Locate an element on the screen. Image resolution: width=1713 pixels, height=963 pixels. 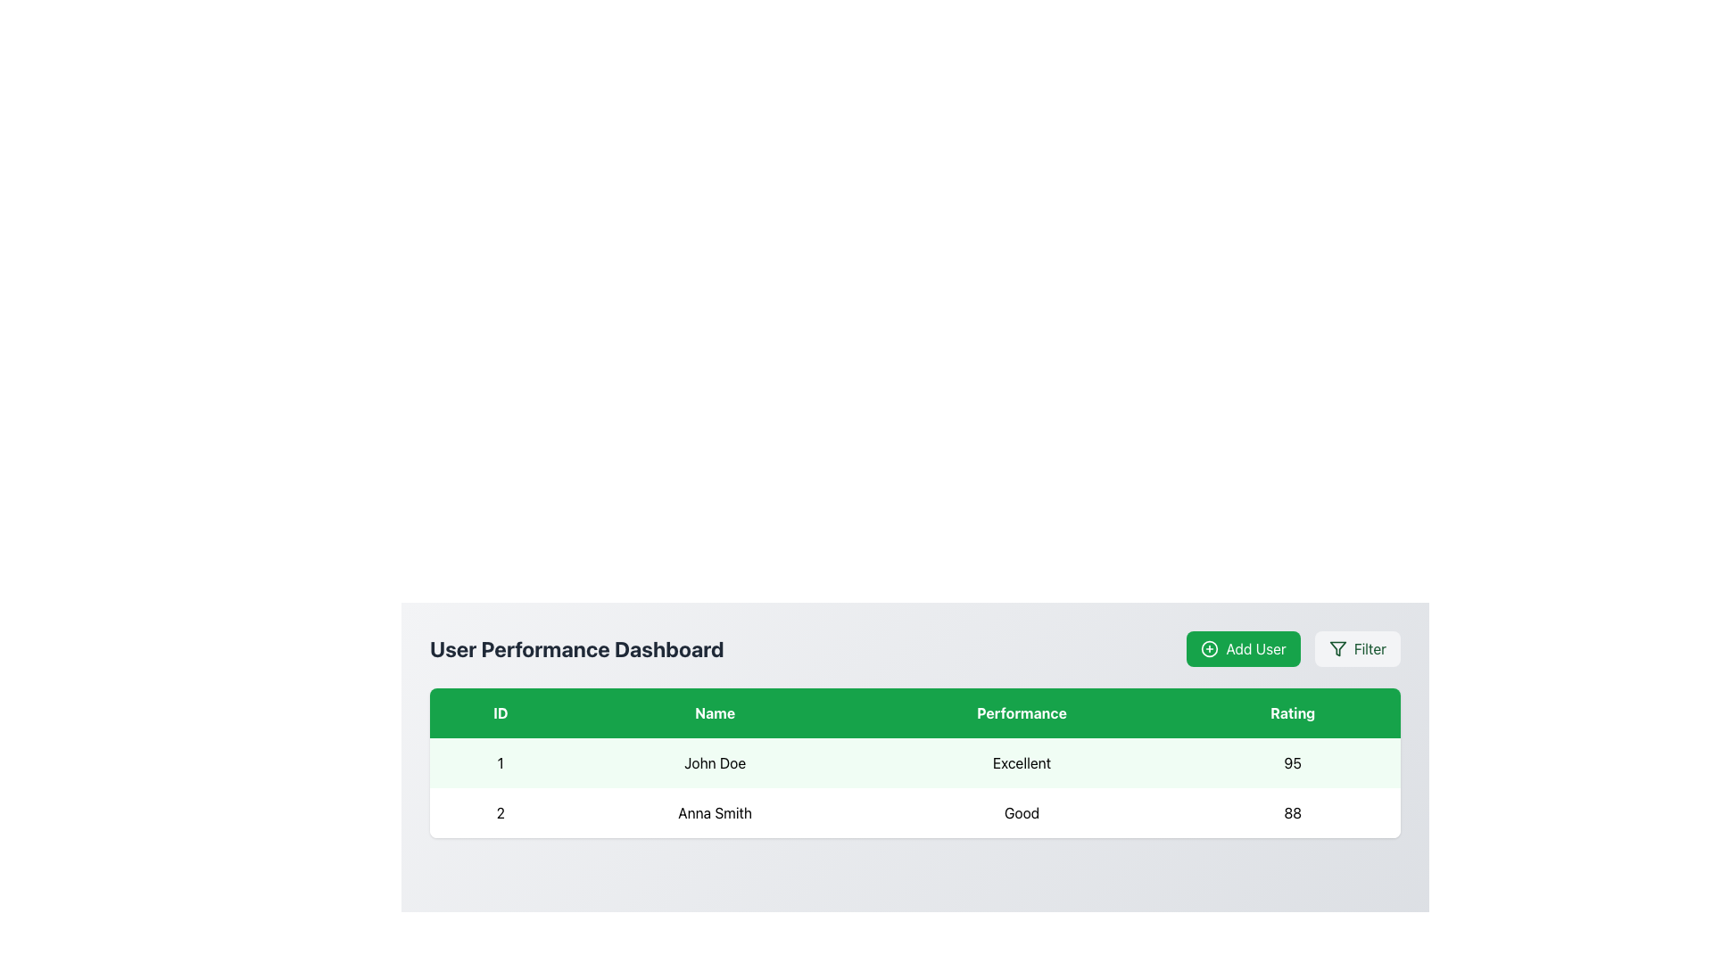
the filter button located at the top-right section of the table interface, positioned to the right of the 'Add User' button is located at coordinates (1356, 649).